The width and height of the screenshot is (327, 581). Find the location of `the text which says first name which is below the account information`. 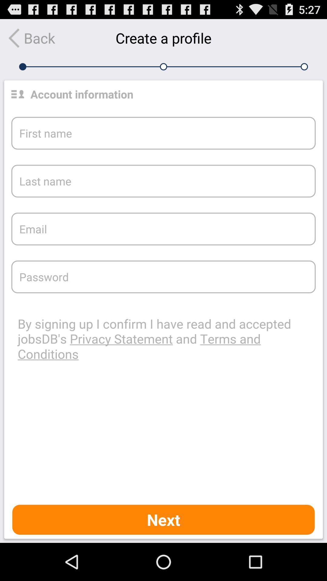

the text which says first name which is below the account information is located at coordinates (163, 133).